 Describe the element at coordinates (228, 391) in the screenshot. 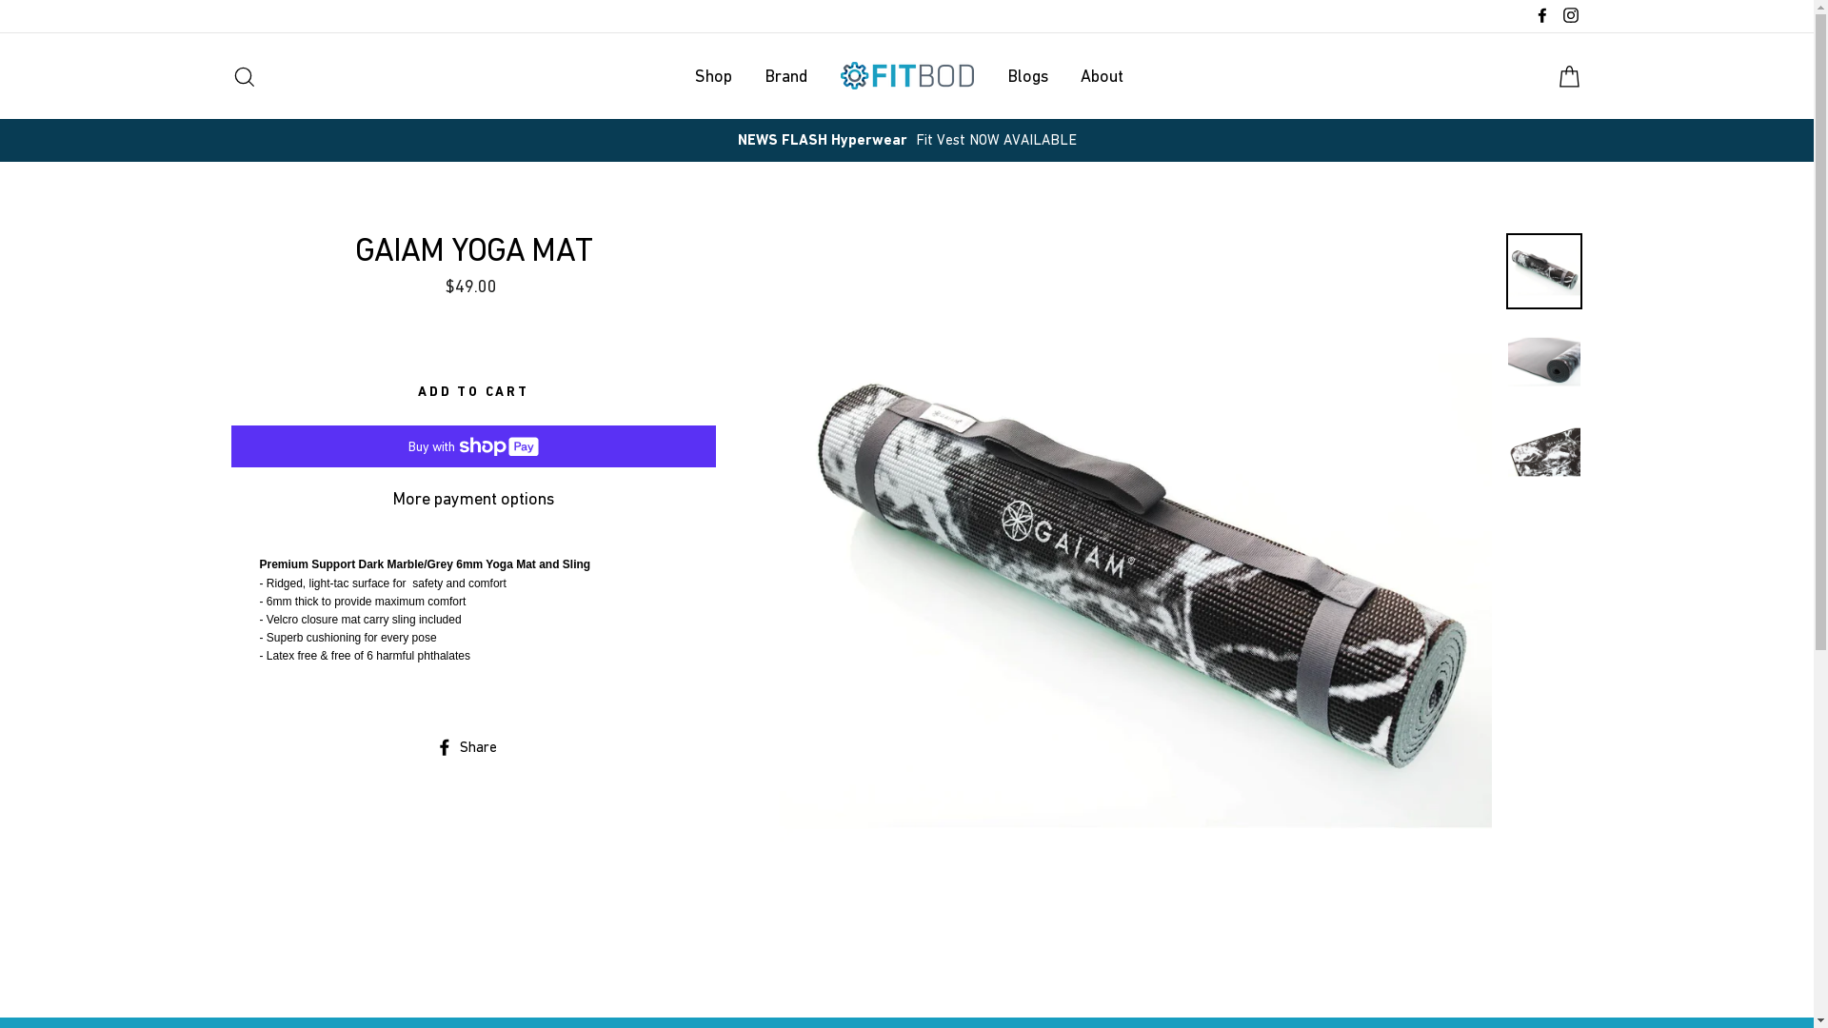

I see `'ADD TO CART'` at that location.